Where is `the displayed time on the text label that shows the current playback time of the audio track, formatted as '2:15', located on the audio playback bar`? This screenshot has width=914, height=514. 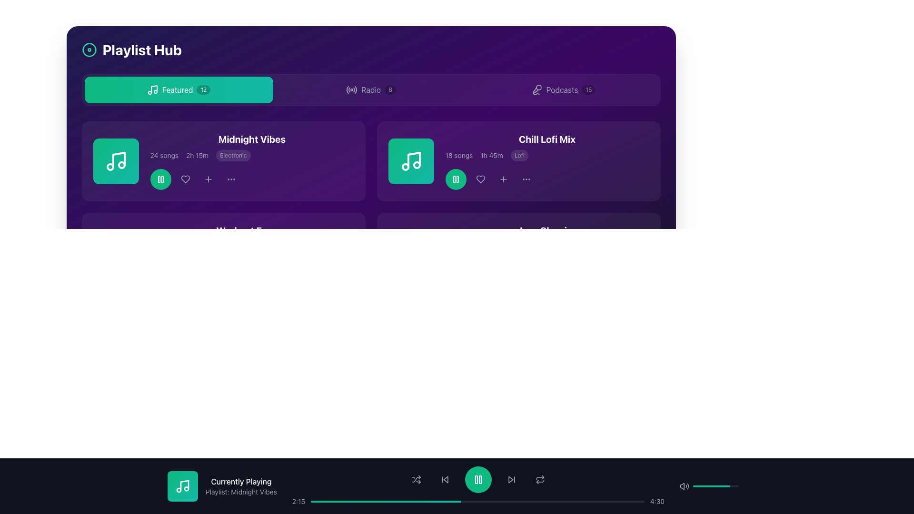 the displayed time on the text label that shows the current playback time of the audio track, formatted as '2:15', located on the audio playback bar is located at coordinates (298, 501).